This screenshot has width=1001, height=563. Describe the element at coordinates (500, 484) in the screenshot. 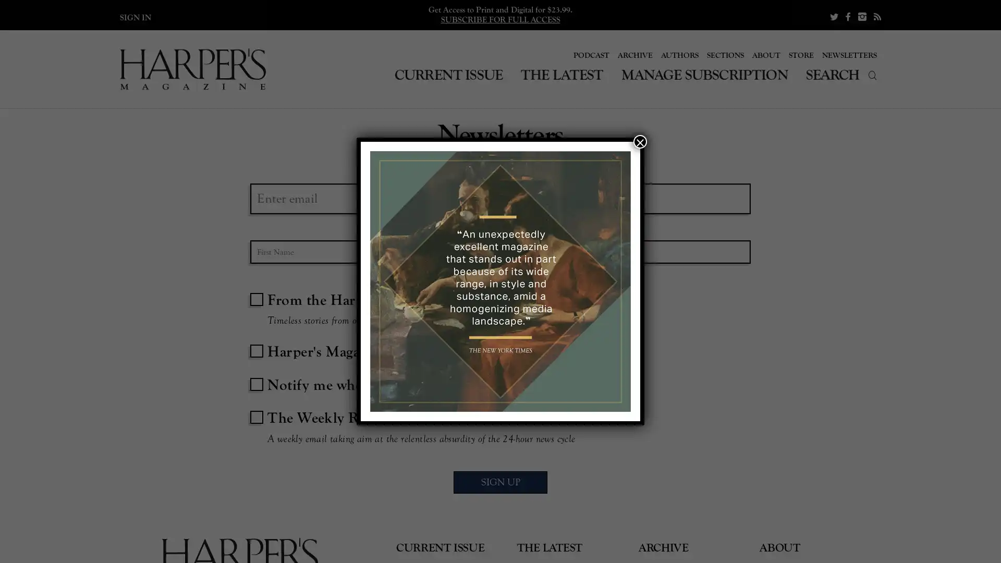

I see `SIGN UP` at that location.